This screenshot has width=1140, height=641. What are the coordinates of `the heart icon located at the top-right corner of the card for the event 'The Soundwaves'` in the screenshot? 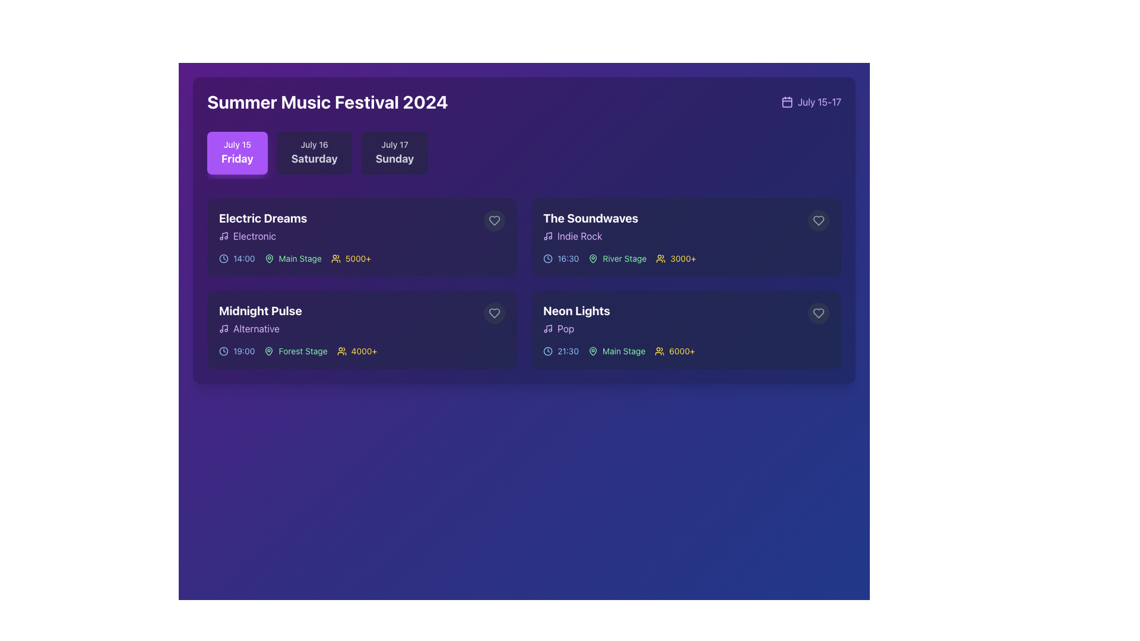 It's located at (818, 220).